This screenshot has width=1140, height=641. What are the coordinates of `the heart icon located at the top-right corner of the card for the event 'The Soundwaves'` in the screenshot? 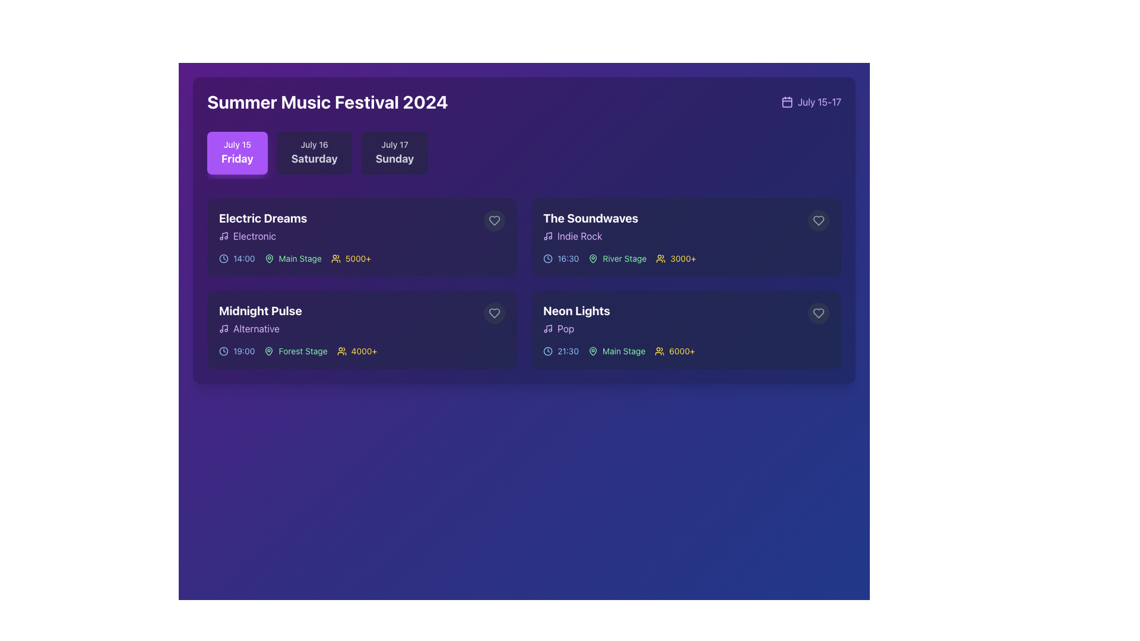 It's located at (818, 220).